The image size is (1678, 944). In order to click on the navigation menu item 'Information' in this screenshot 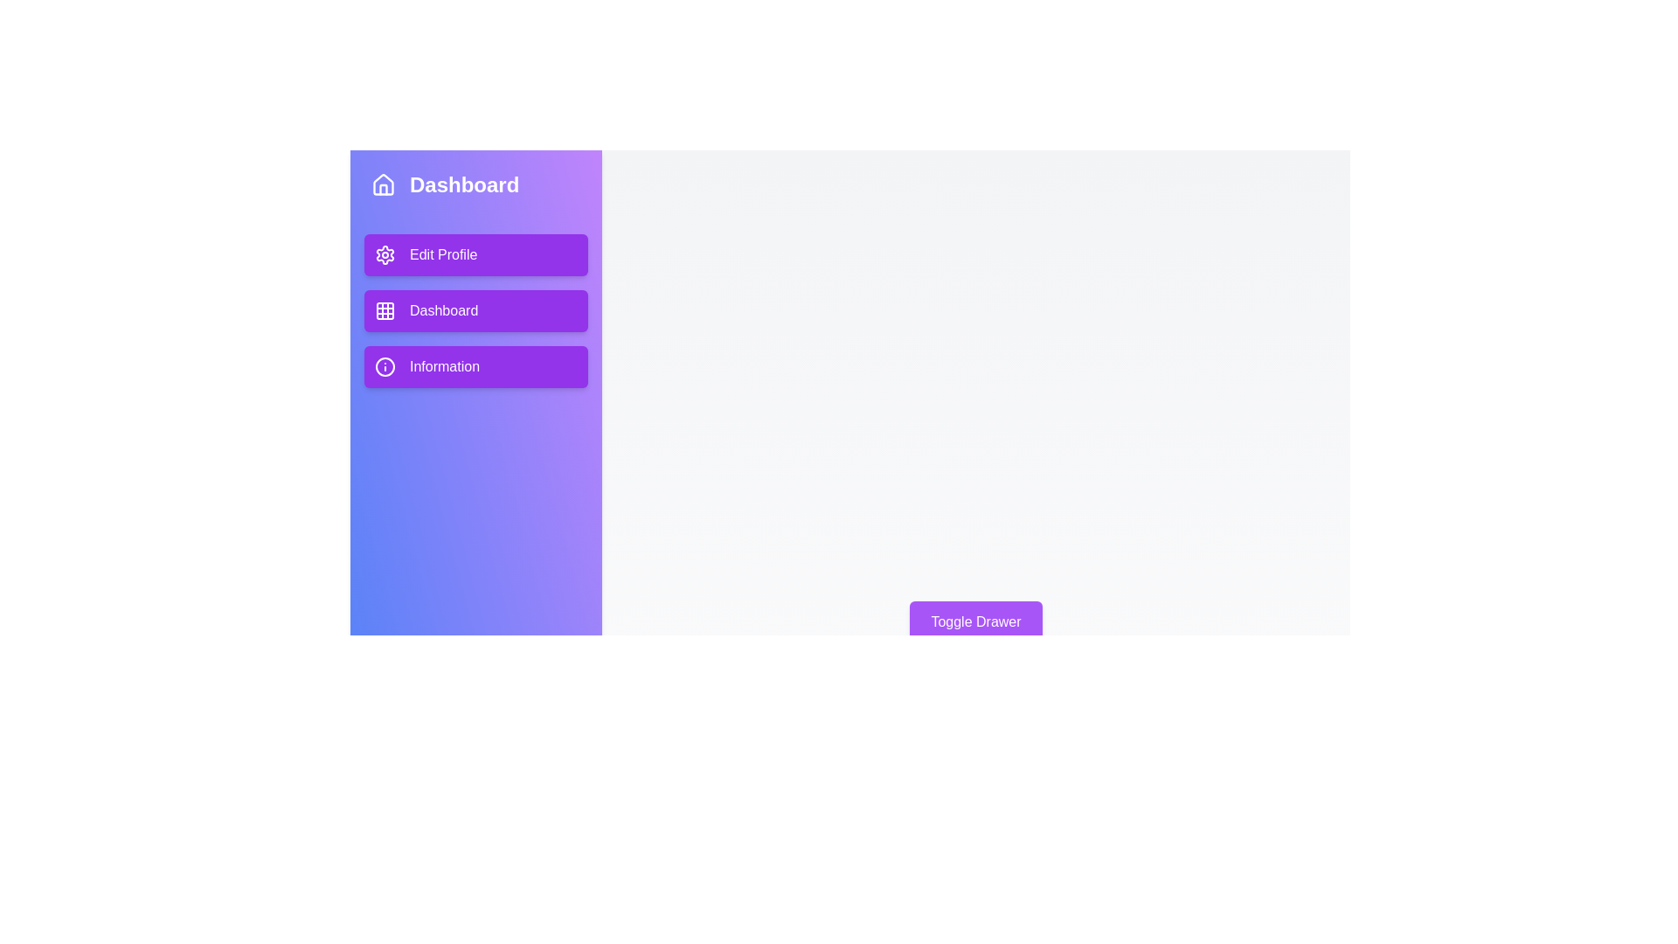, I will do `click(476, 366)`.